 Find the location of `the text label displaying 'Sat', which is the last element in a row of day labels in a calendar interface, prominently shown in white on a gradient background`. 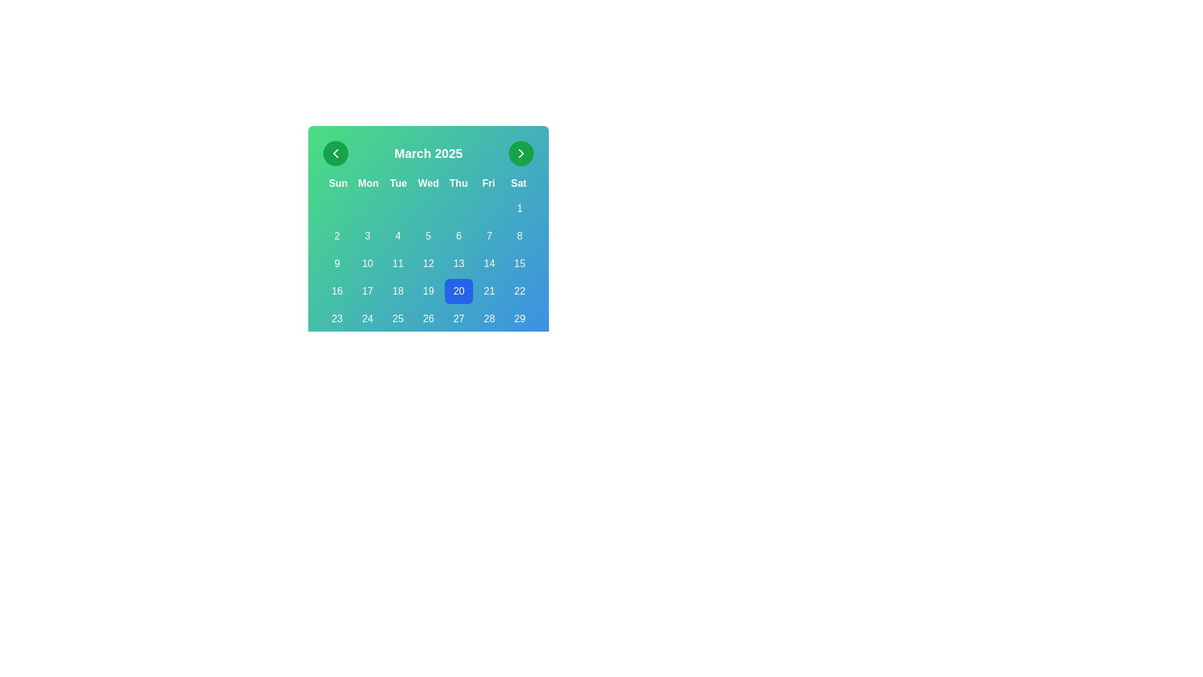

the text label displaying 'Sat', which is the last element in a row of day labels in a calendar interface, prominently shown in white on a gradient background is located at coordinates (519, 184).